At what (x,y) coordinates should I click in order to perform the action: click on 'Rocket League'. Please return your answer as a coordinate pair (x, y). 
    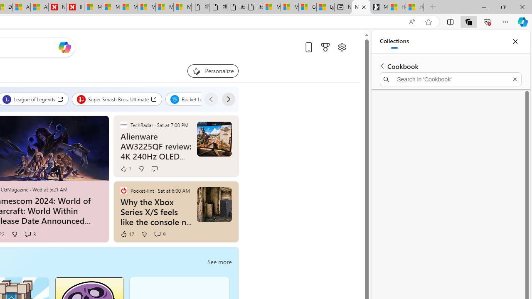
    Looking at the image, I should click on (196, 99).